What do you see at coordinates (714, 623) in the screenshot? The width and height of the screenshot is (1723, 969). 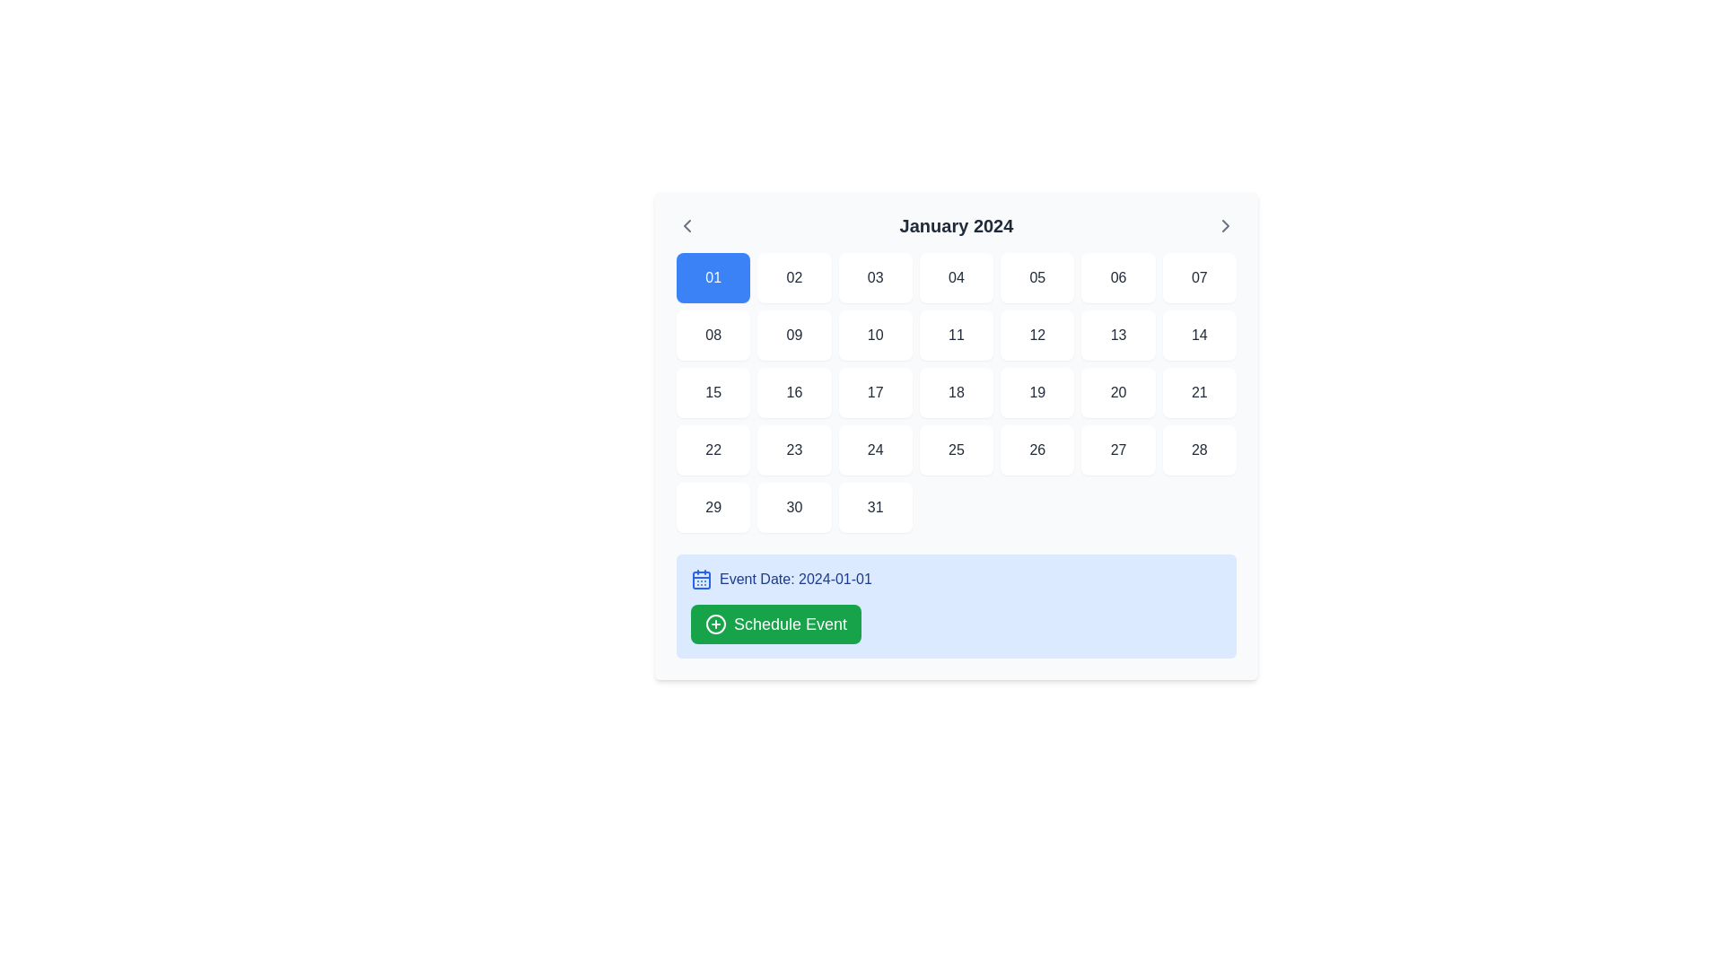 I see `the icon located to the left of the 'Schedule Event' text within the green button at the bottom-center of the interface to interact with the 'Schedule Event' button` at bounding box center [714, 623].